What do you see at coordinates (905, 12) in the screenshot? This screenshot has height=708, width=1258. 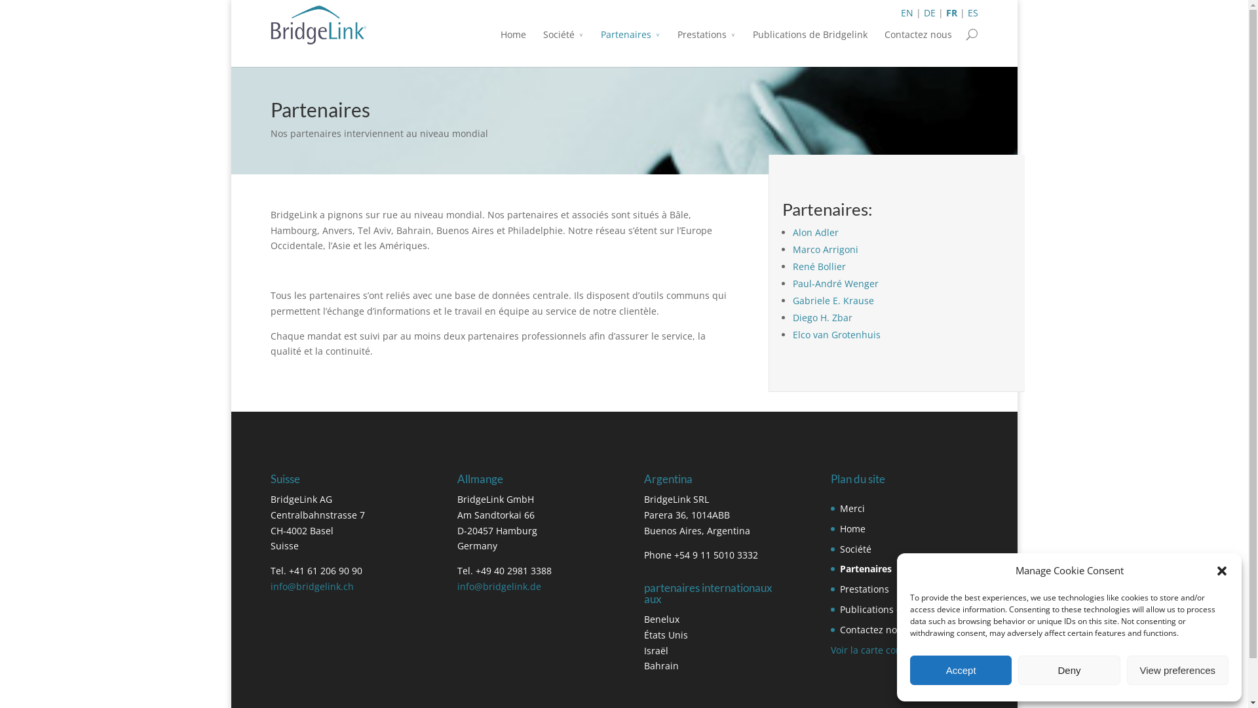 I see `'EN'` at bounding box center [905, 12].